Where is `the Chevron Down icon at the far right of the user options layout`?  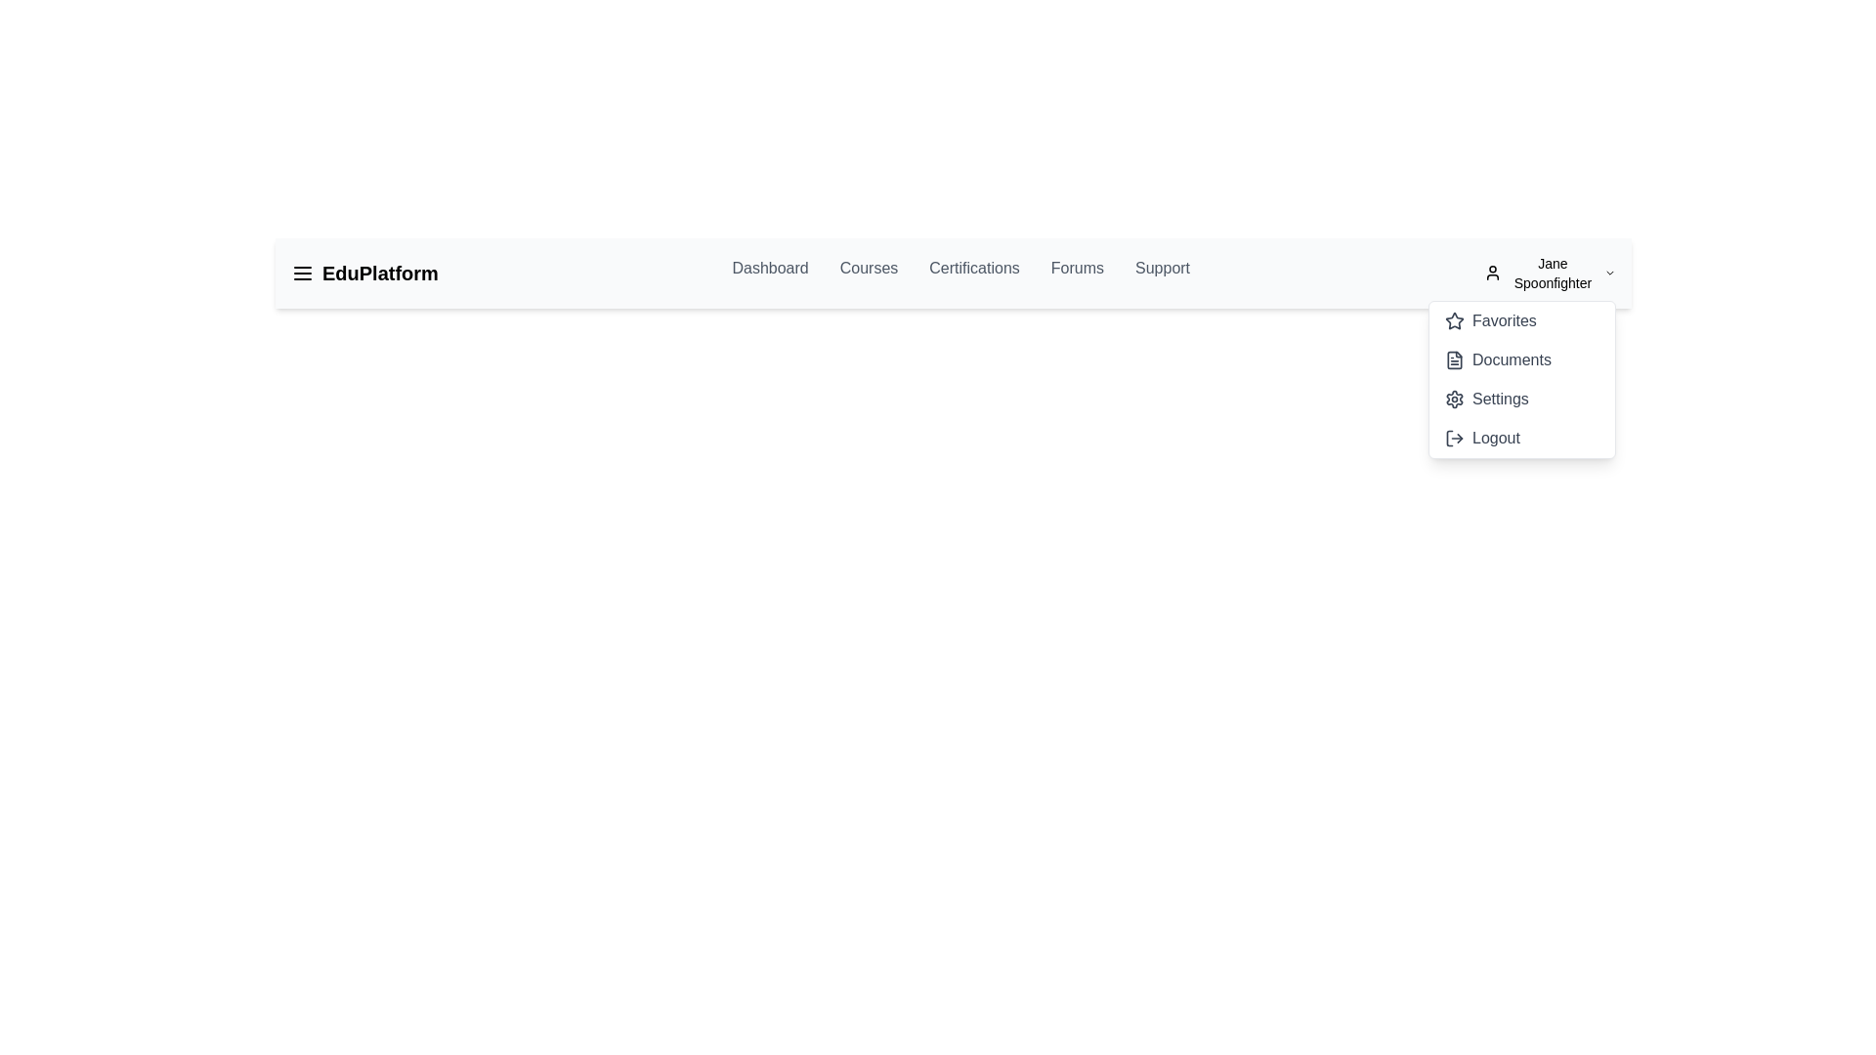 the Chevron Down icon at the far right of the user options layout is located at coordinates (1609, 274).